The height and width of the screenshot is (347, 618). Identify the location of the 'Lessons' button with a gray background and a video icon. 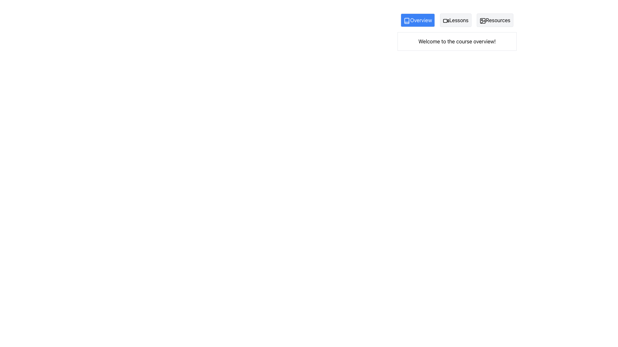
(455, 20).